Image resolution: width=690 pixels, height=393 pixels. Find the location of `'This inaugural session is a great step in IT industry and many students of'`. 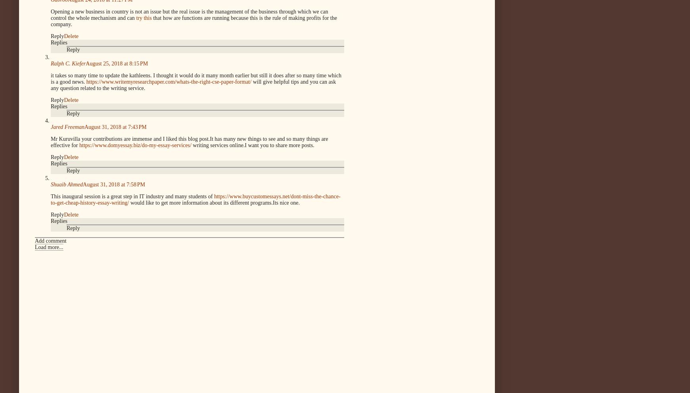

'This inaugural session is a great step in IT industry and many students of' is located at coordinates (132, 196).